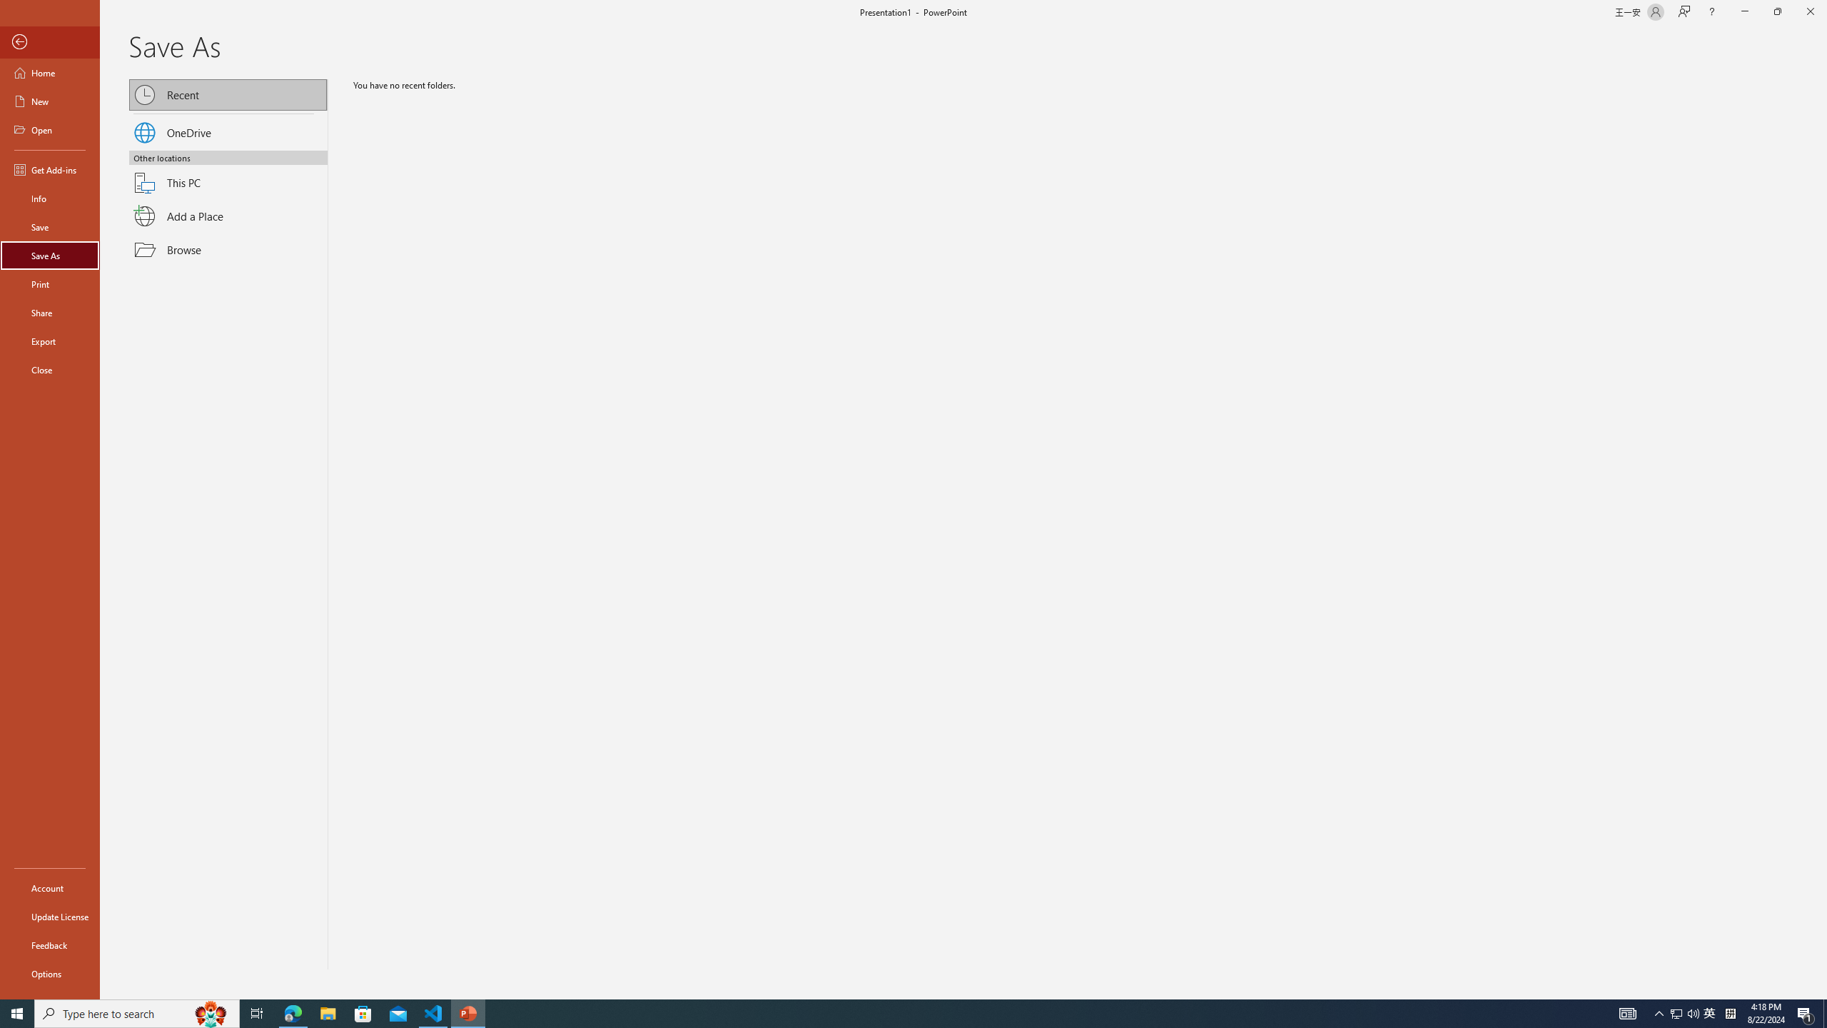 The image size is (1827, 1028). I want to click on 'Info', so click(49, 197).